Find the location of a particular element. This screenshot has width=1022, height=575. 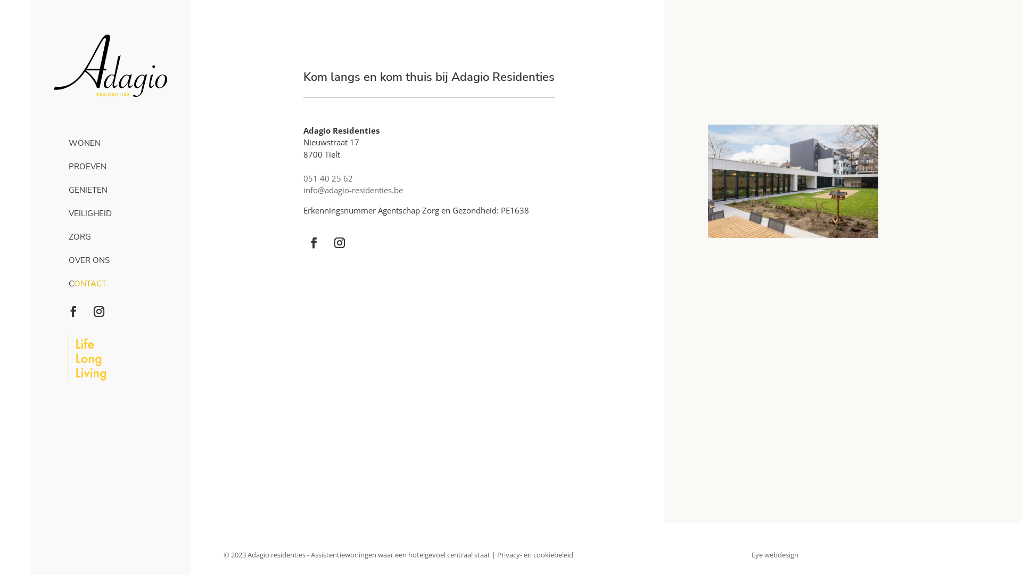

'Volg op Instagram' is located at coordinates (99, 311).